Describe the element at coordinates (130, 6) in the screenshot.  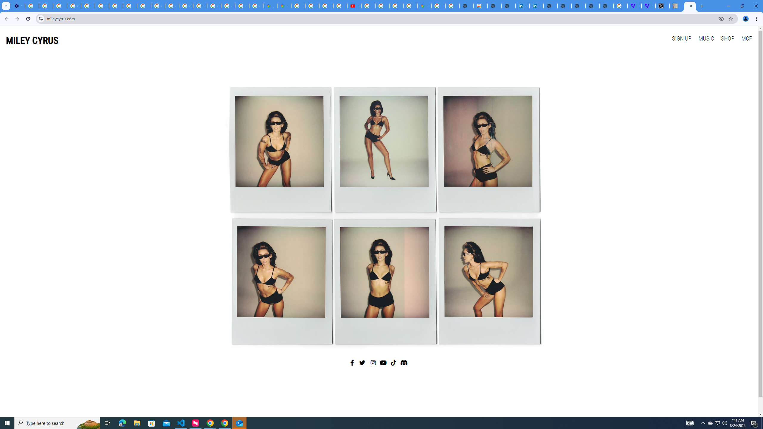
I see `'Privacy Help Center - Policies Help'` at that location.